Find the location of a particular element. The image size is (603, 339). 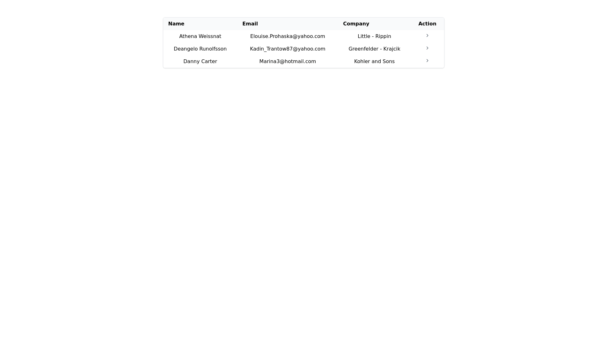

the navigational icon button in the 'Action' column corresponding to the entry 'Athena Weissnat' is located at coordinates (427, 35).